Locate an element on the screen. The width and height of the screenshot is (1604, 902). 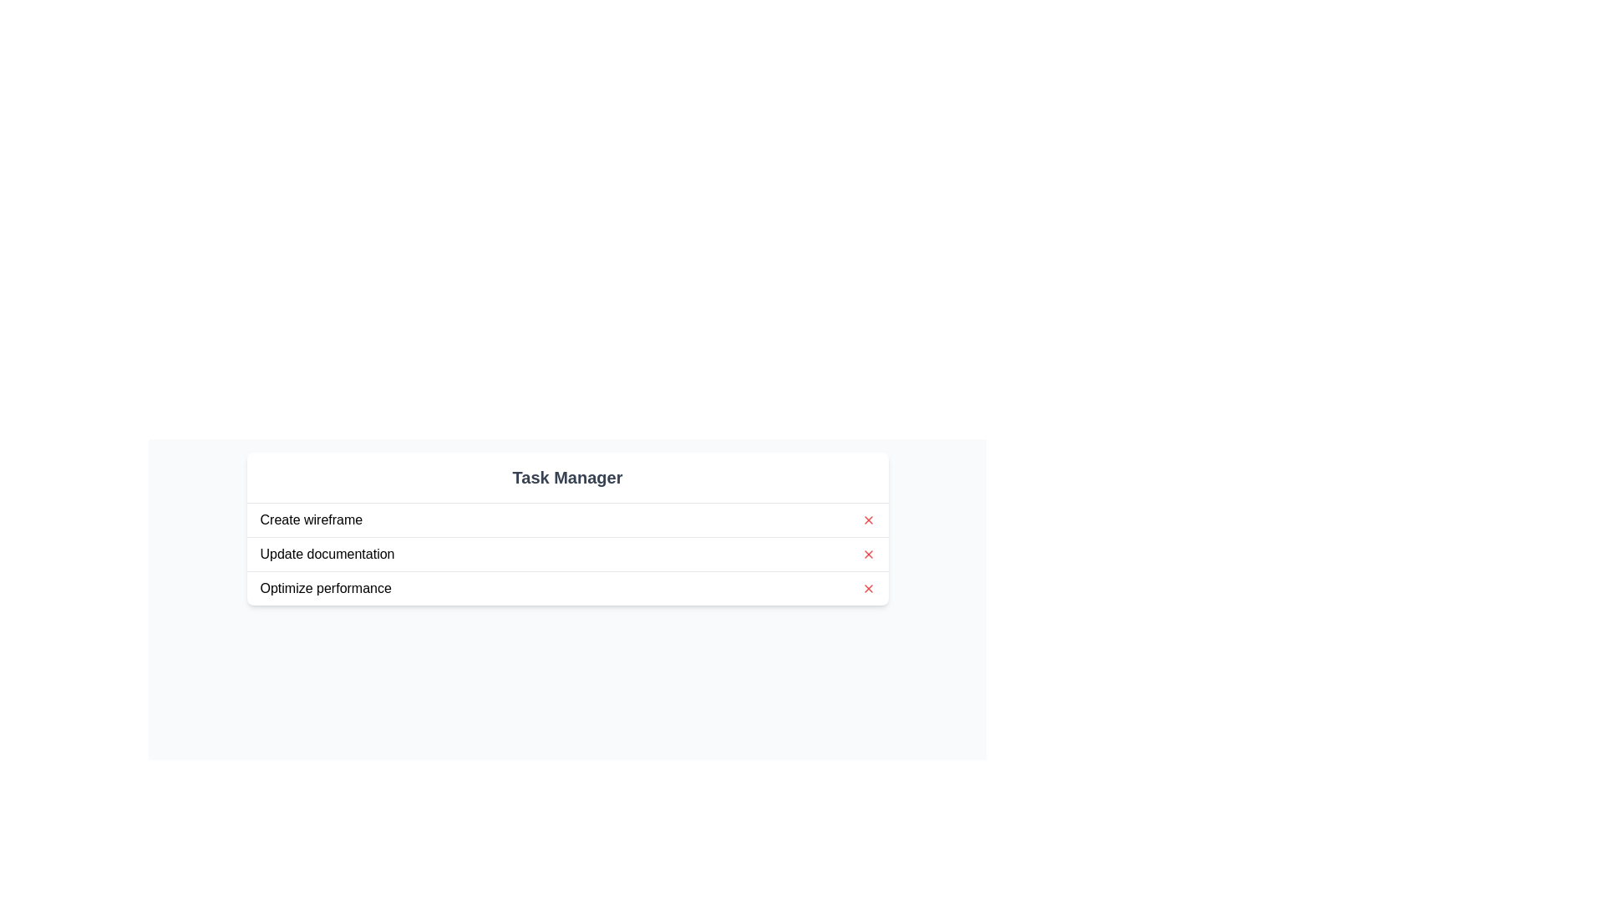
the second text label in the task management interface, which is located below the 'Create wireframe' task and above the 'Optimize performance' task is located at coordinates (327, 554).